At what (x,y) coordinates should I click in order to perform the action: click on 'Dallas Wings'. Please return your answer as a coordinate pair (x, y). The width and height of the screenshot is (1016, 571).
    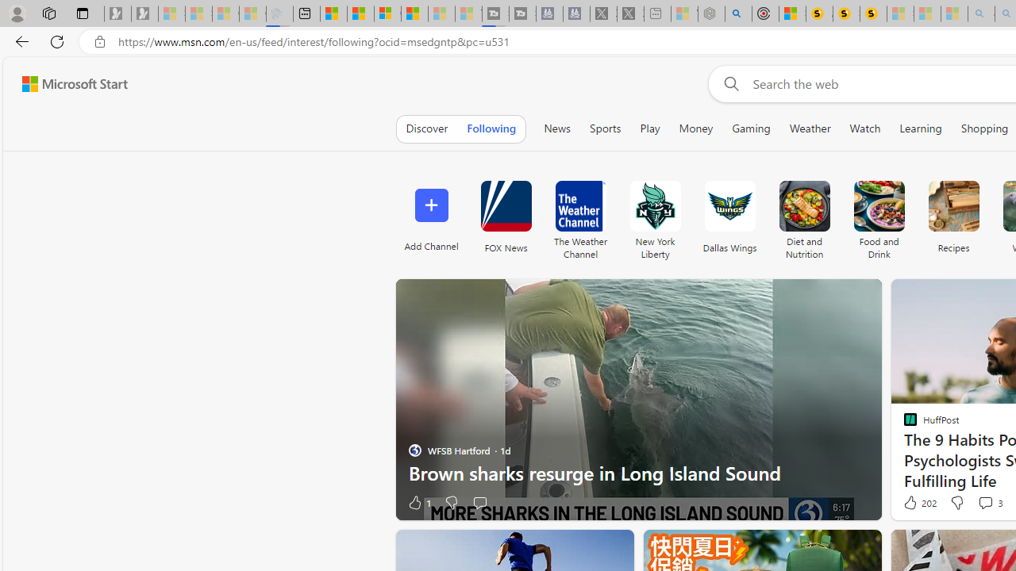
    Looking at the image, I should click on (729, 216).